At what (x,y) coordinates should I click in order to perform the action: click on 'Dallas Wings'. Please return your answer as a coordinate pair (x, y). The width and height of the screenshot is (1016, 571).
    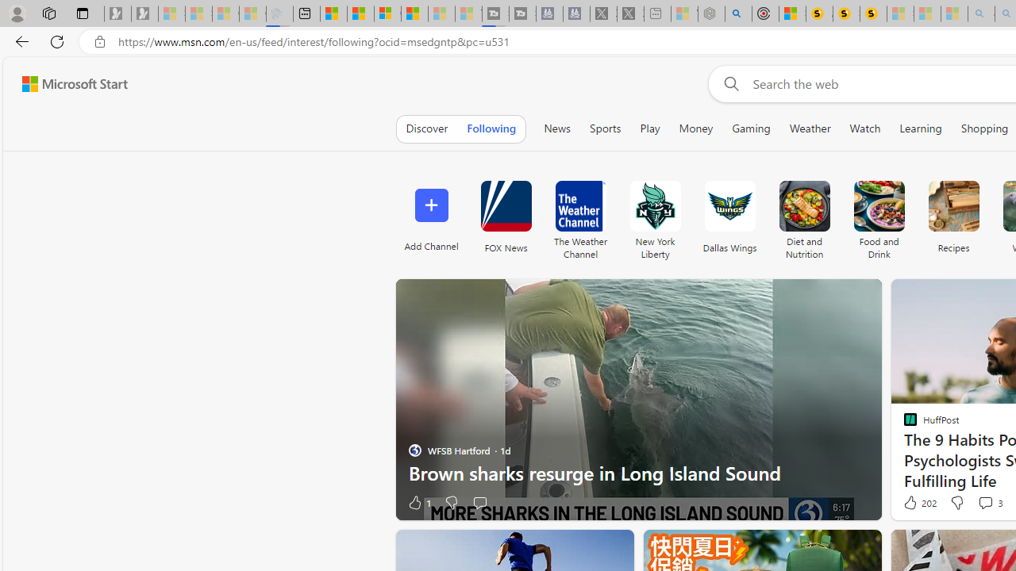
    Looking at the image, I should click on (729, 216).